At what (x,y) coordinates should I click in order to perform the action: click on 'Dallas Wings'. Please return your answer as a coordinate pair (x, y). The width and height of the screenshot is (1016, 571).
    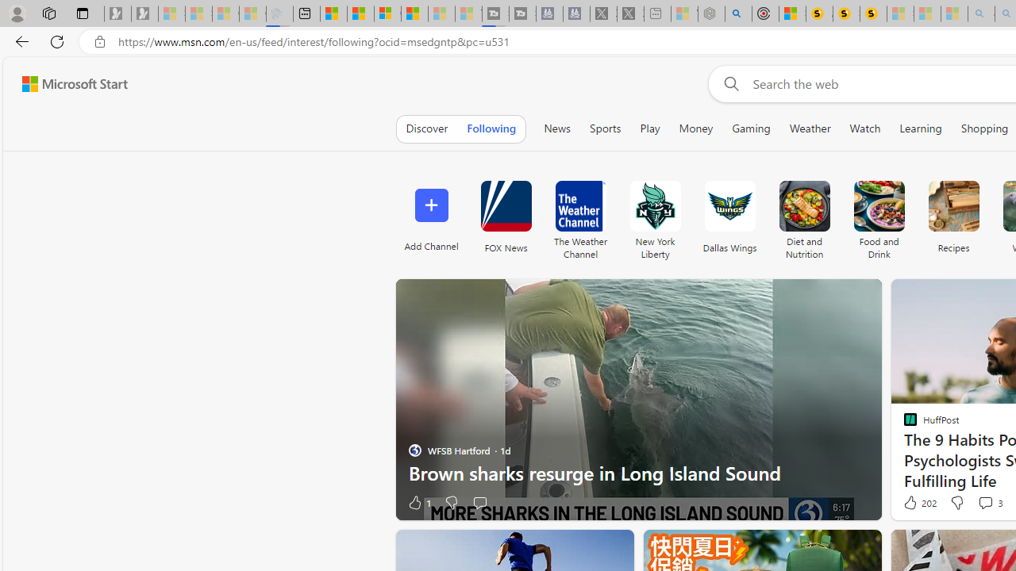
    Looking at the image, I should click on (729, 216).